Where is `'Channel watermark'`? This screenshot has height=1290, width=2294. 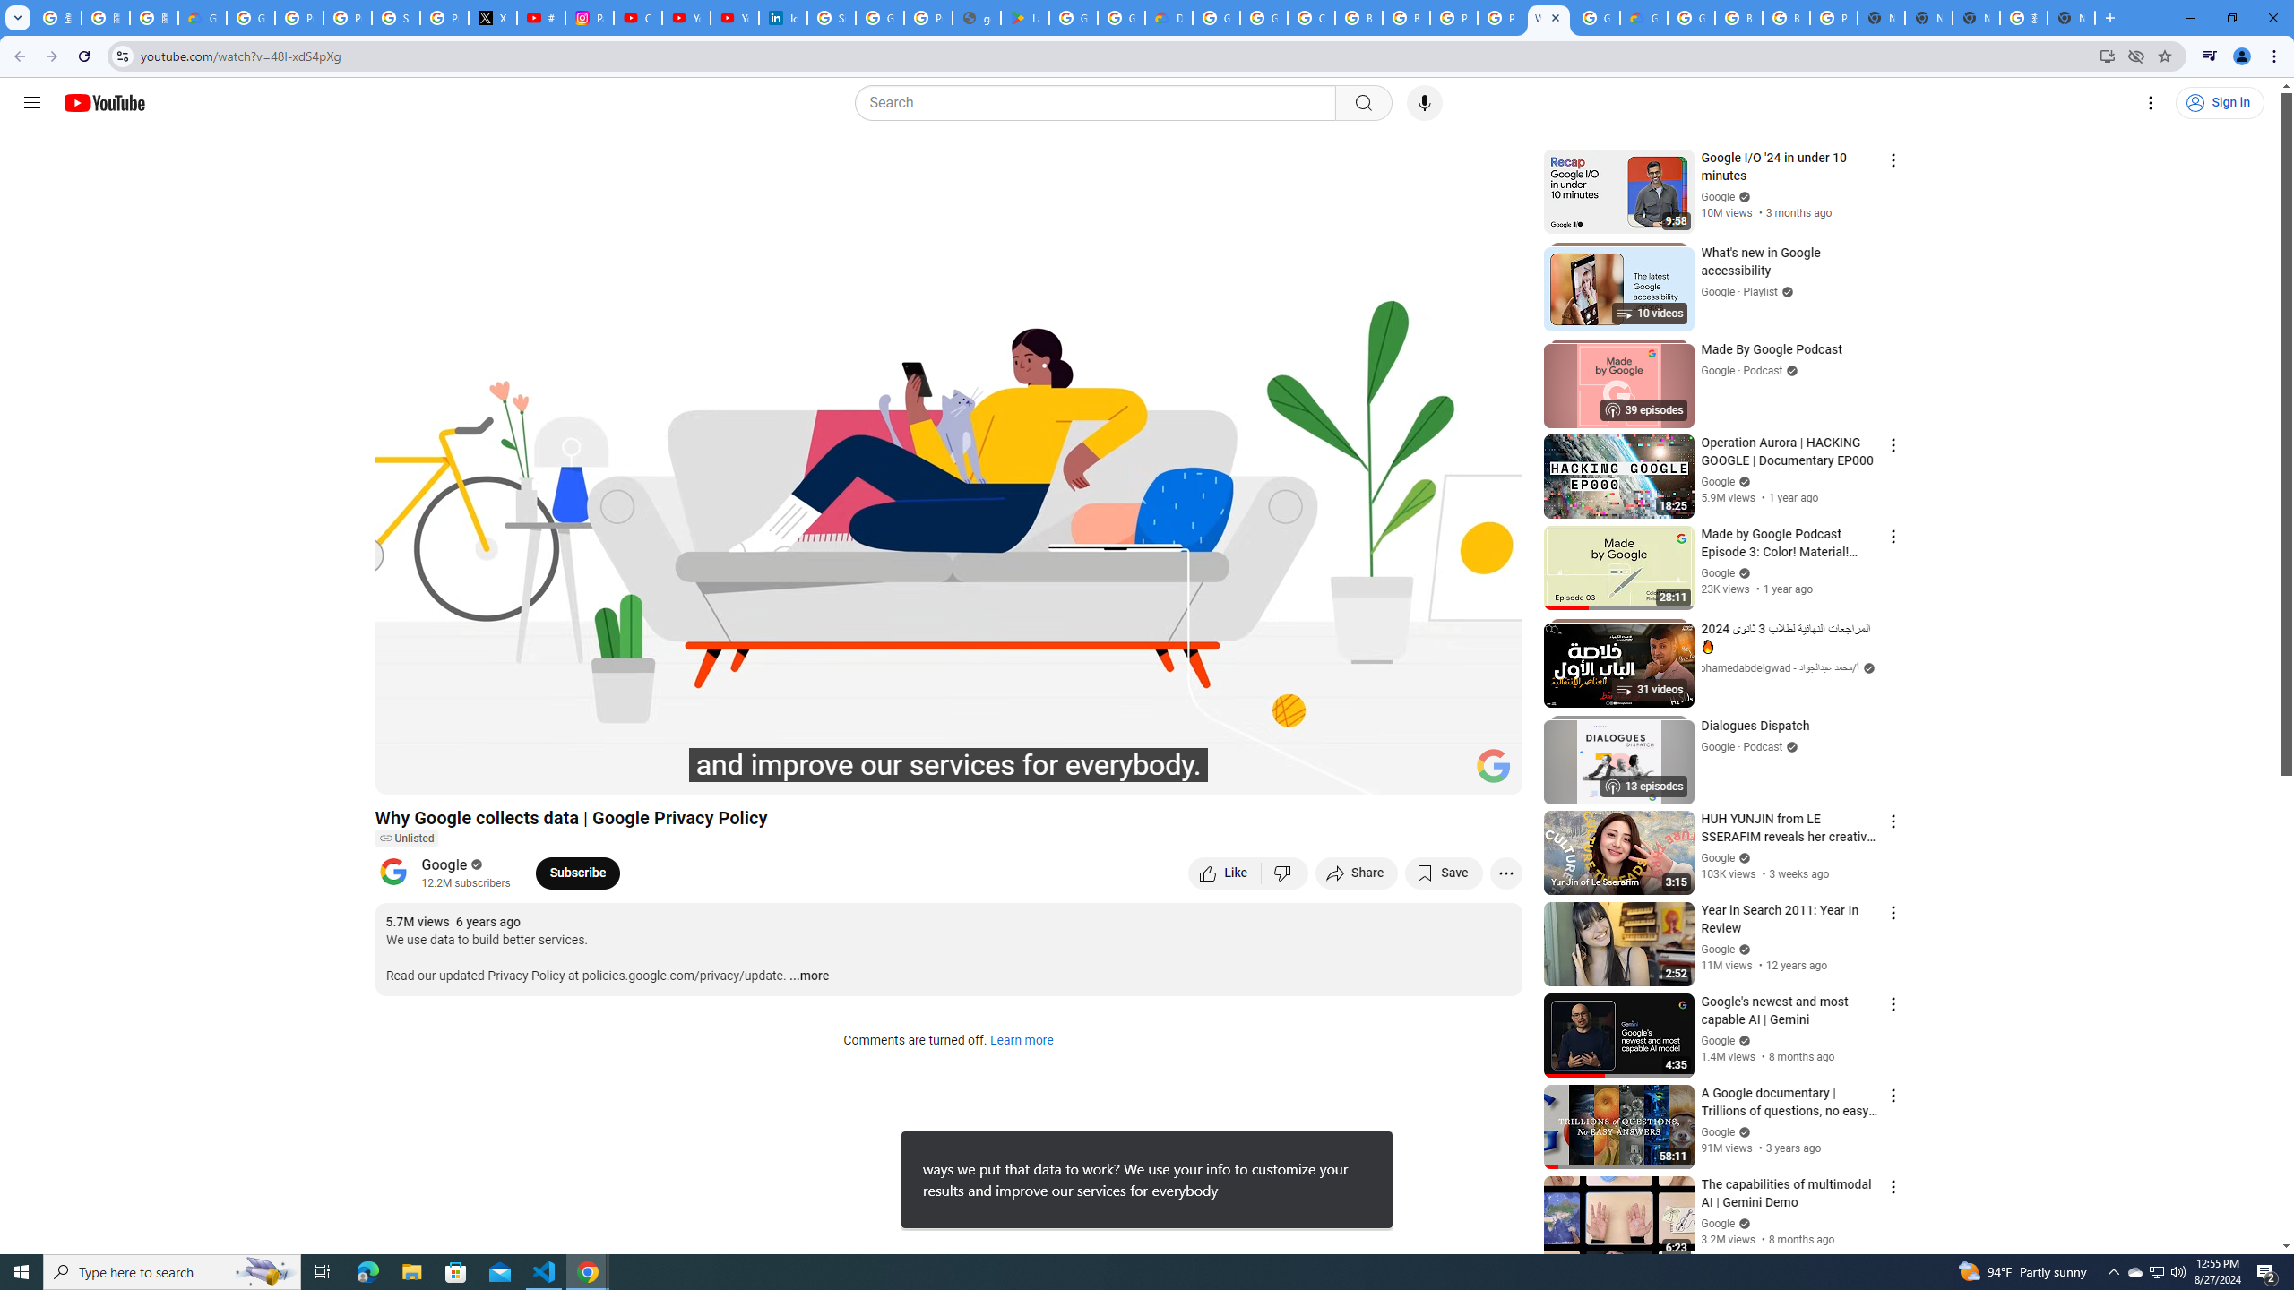
'Channel watermark' is located at coordinates (1493, 765).